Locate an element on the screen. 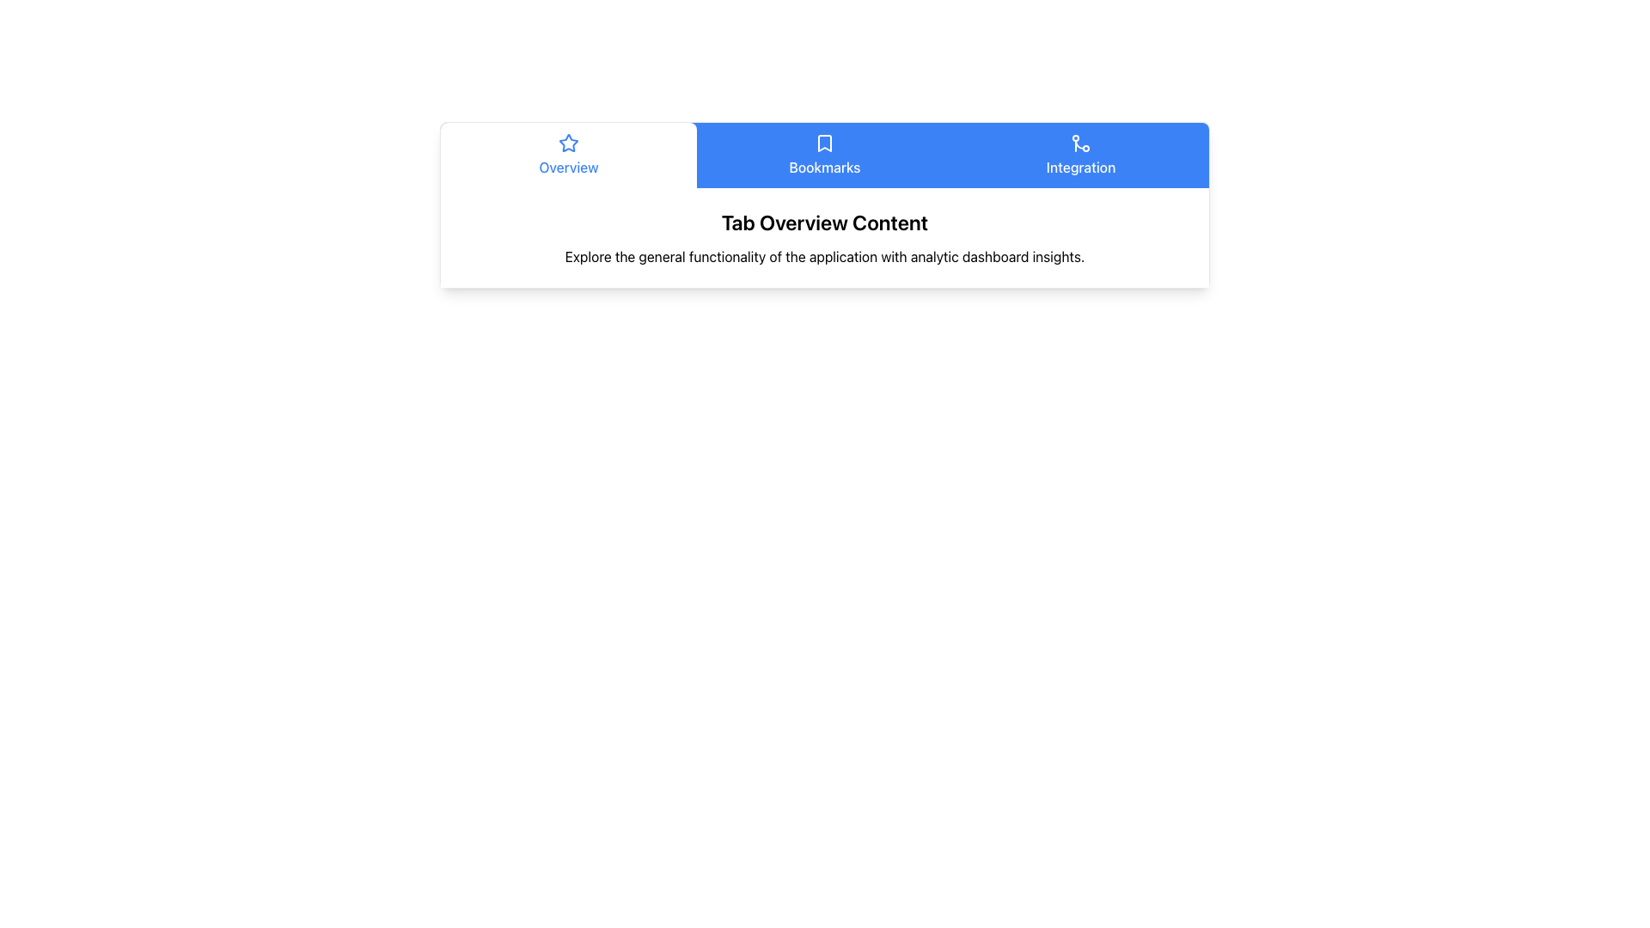 Image resolution: width=1650 pixels, height=928 pixels. the 'Overview' tab, which is the leftmost tab in the navigation bar, styled with a white background and blue text is located at coordinates (569, 156).